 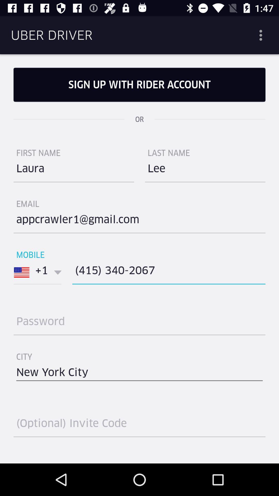 What do you see at coordinates (139, 425) in the screenshot?
I see `type here` at bounding box center [139, 425].